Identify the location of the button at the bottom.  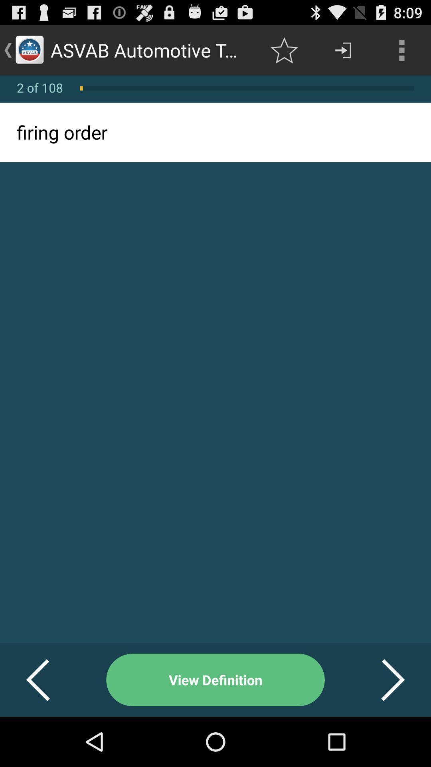
(215, 680).